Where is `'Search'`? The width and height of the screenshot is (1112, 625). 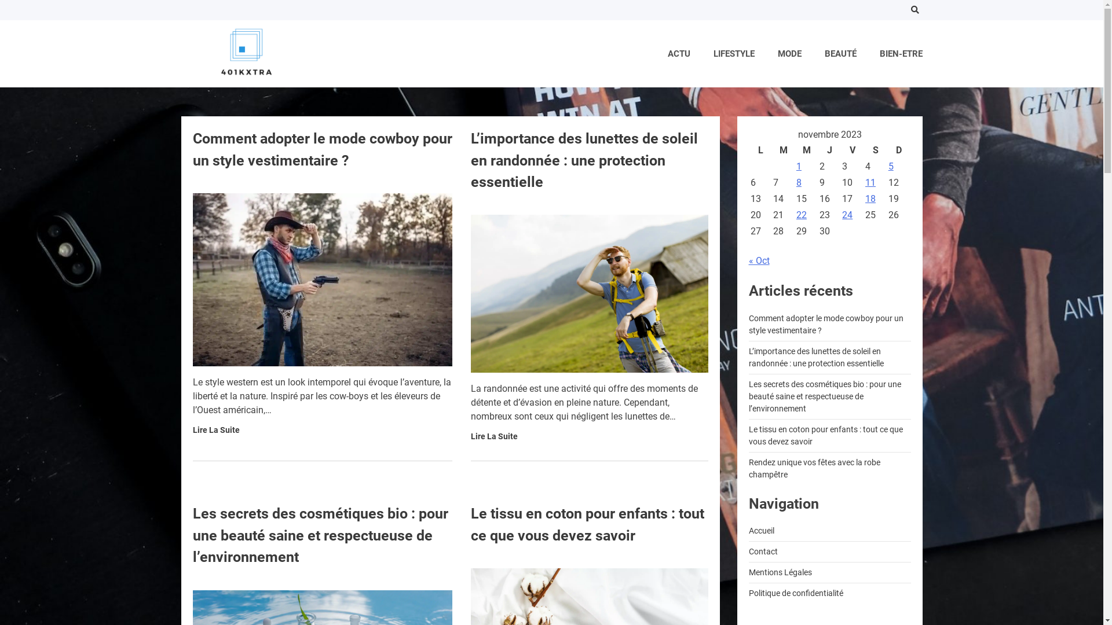 'Search' is located at coordinates (914, 10).